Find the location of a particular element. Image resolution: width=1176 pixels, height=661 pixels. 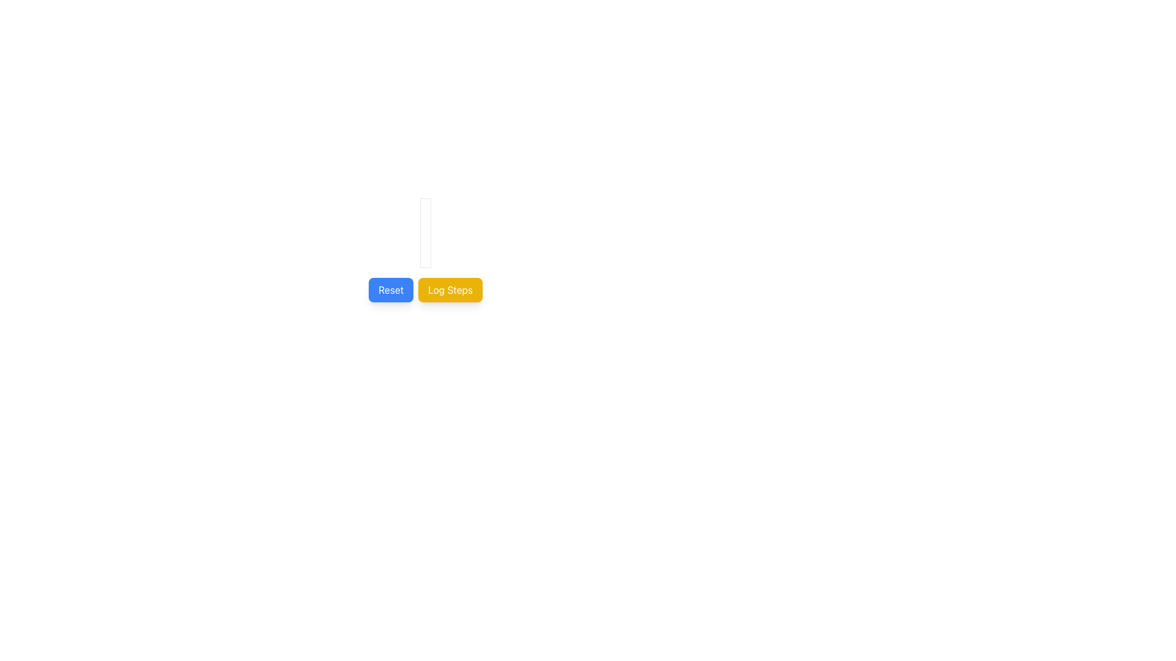

the rectangular button with rounded corners that has a yellow background and white text reading 'Log Steps' to change its color is located at coordinates (450, 290).